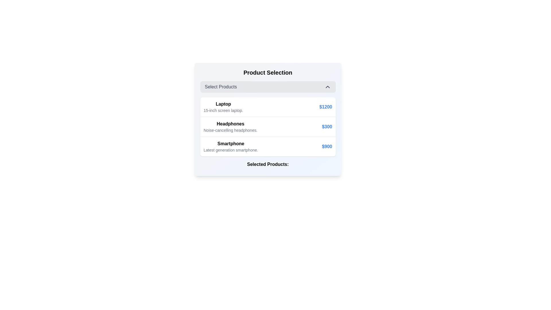 Image resolution: width=551 pixels, height=310 pixels. I want to click on the static text providing descriptive information about the product 'Headphones' indicating its key feature of noise-cancellation, located below the 'Headphones' title in the product list, so click(230, 130).